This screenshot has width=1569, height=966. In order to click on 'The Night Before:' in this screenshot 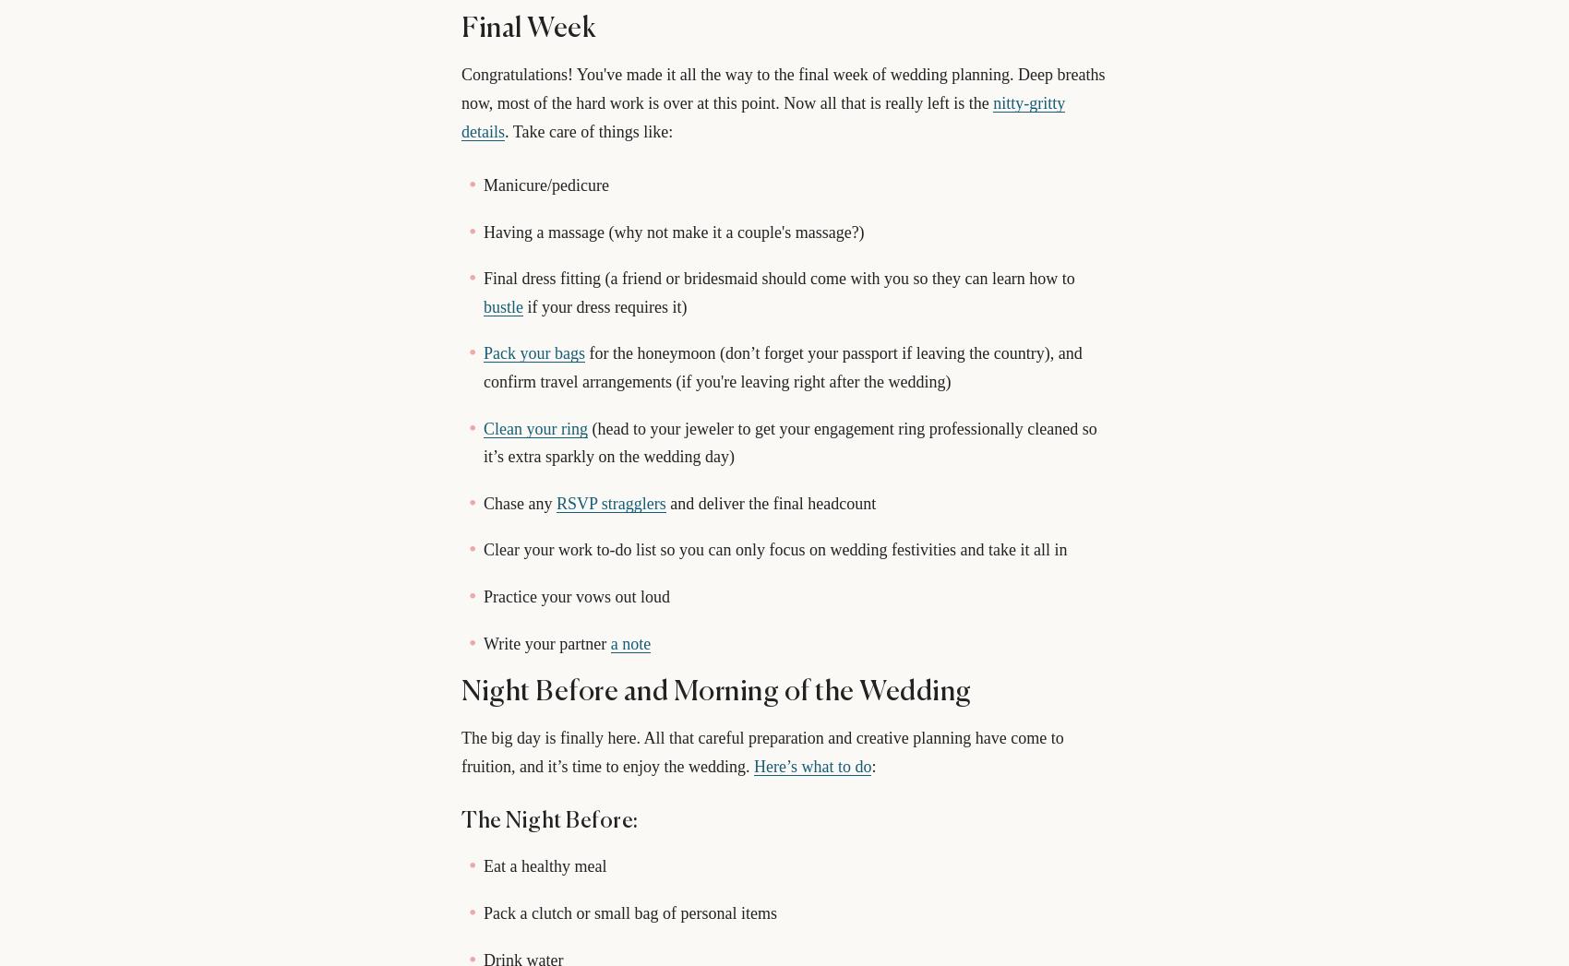, I will do `click(548, 819)`.